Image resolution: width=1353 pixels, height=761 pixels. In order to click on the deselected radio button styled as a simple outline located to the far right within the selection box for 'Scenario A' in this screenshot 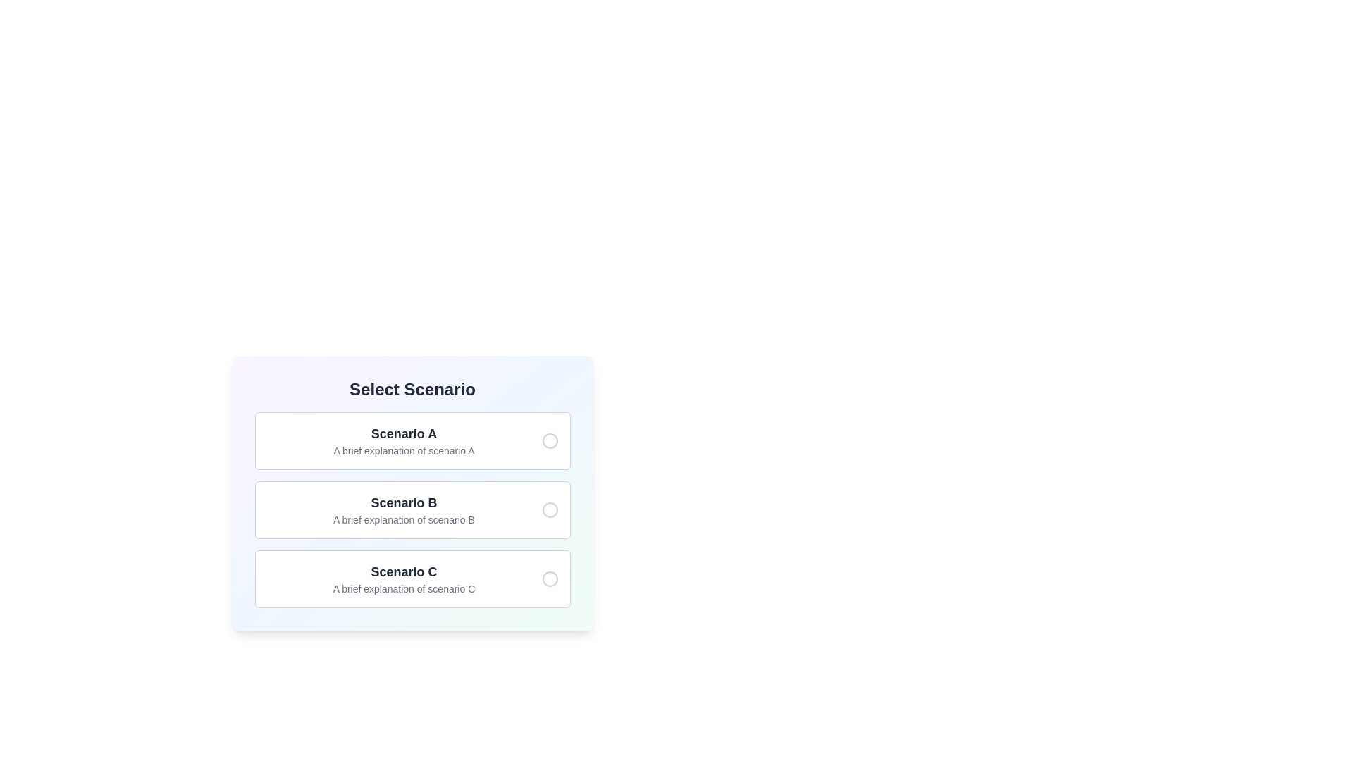, I will do `click(549, 440)`.